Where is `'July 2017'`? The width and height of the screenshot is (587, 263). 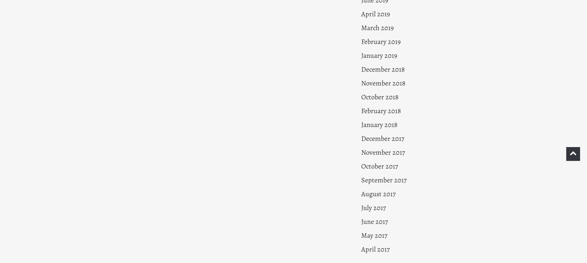
'July 2017' is located at coordinates (373, 207).